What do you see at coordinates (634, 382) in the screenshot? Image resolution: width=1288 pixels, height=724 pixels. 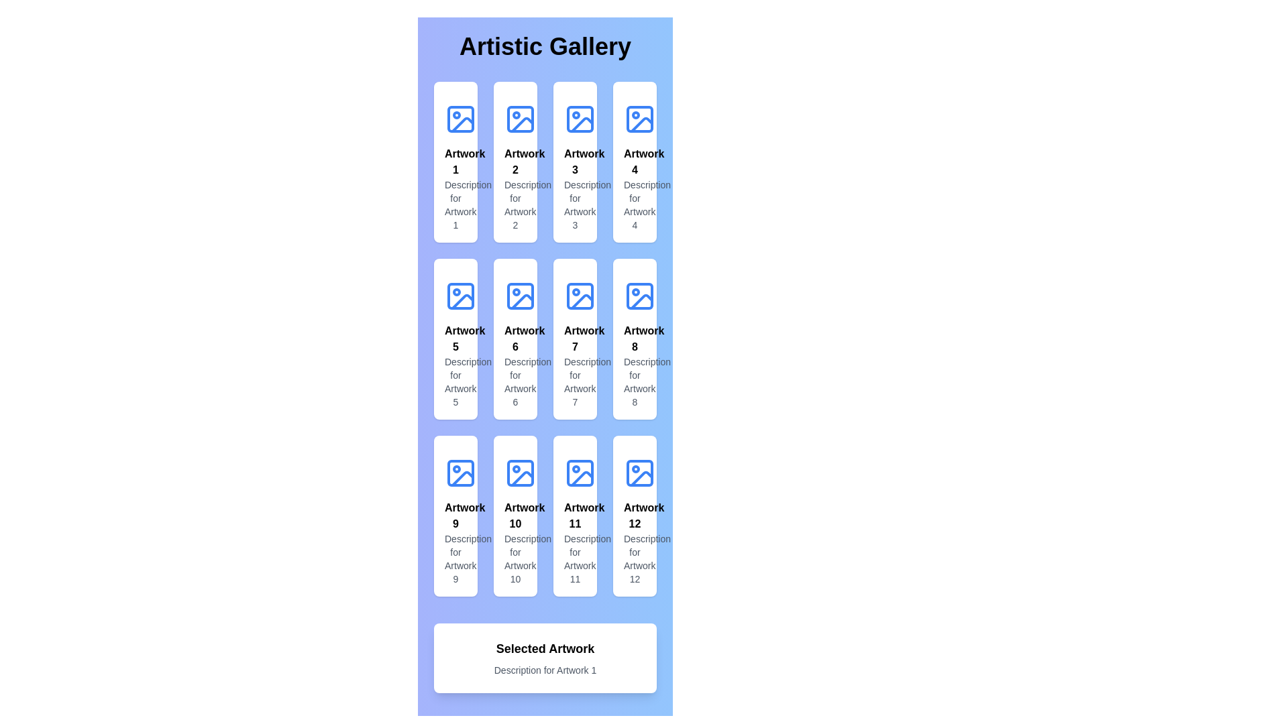 I see `the text label displaying 'Description for Artwork 8' which is styled in gray and located below the heading 'Artwork 8'` at bounding box center [634, 382].